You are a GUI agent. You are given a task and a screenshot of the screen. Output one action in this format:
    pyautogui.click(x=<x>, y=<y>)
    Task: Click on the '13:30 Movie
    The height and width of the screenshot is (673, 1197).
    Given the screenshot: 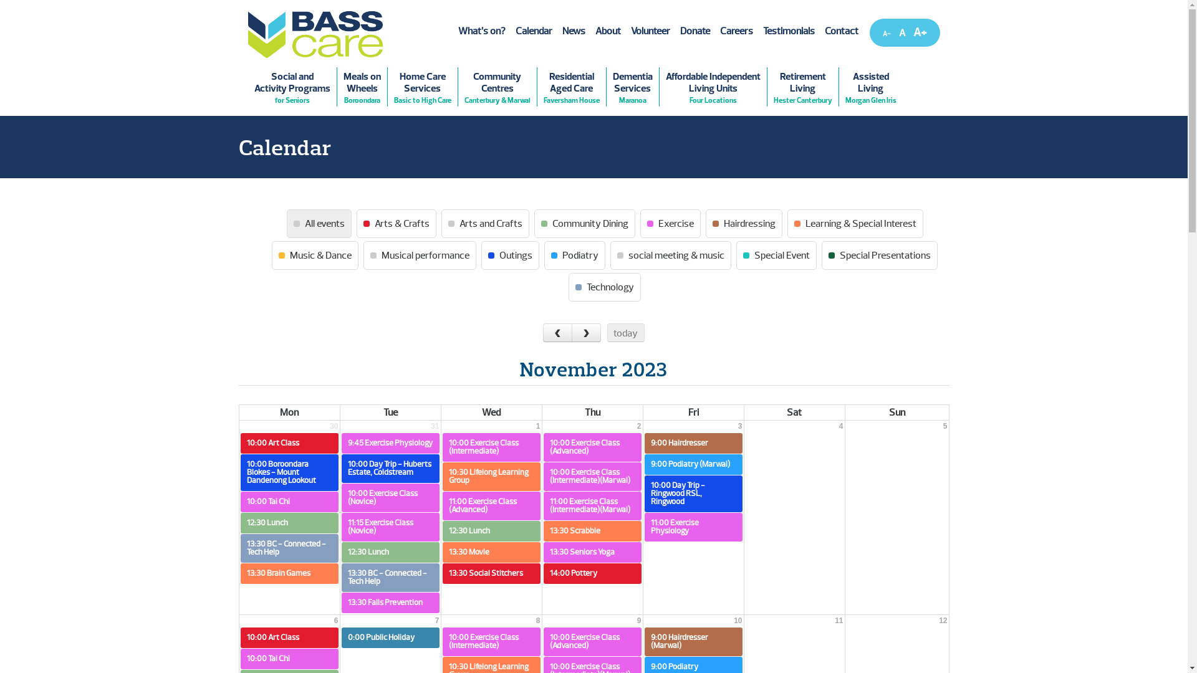 What is the action you would take?
    pyautogui.click(x=491, y=551)
    